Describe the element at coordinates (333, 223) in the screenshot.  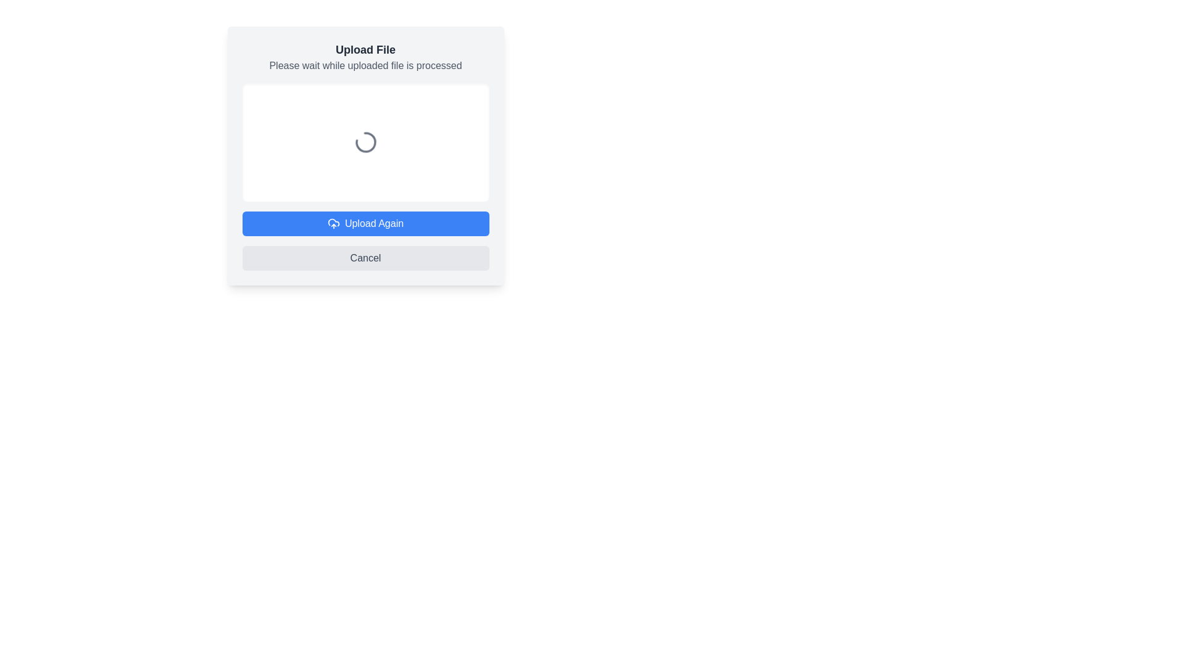
I see `the 'Upload Again' button which contains a cloud icon with an upward arrow` at that location.